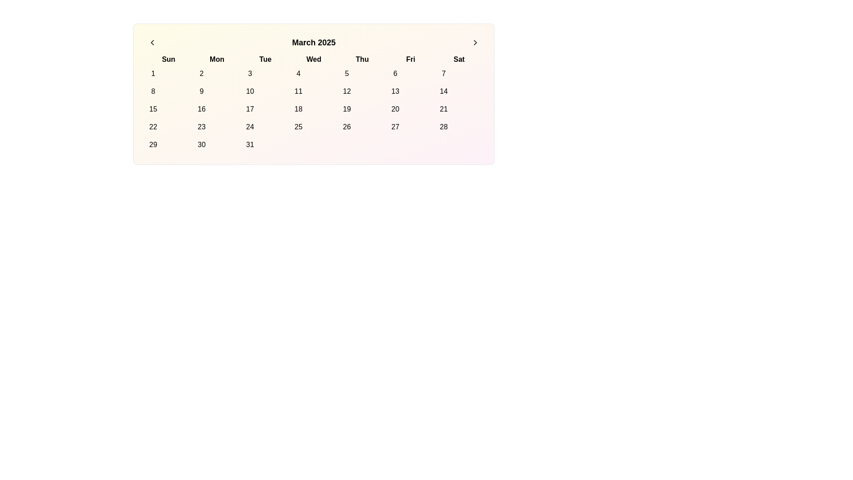 The image size is (853, 480). Describe the element at coordinates (475, 43) in the screenshot. I see `the rightward arrow icon button located at the far right end of the top bar of the calendar component` at that location.